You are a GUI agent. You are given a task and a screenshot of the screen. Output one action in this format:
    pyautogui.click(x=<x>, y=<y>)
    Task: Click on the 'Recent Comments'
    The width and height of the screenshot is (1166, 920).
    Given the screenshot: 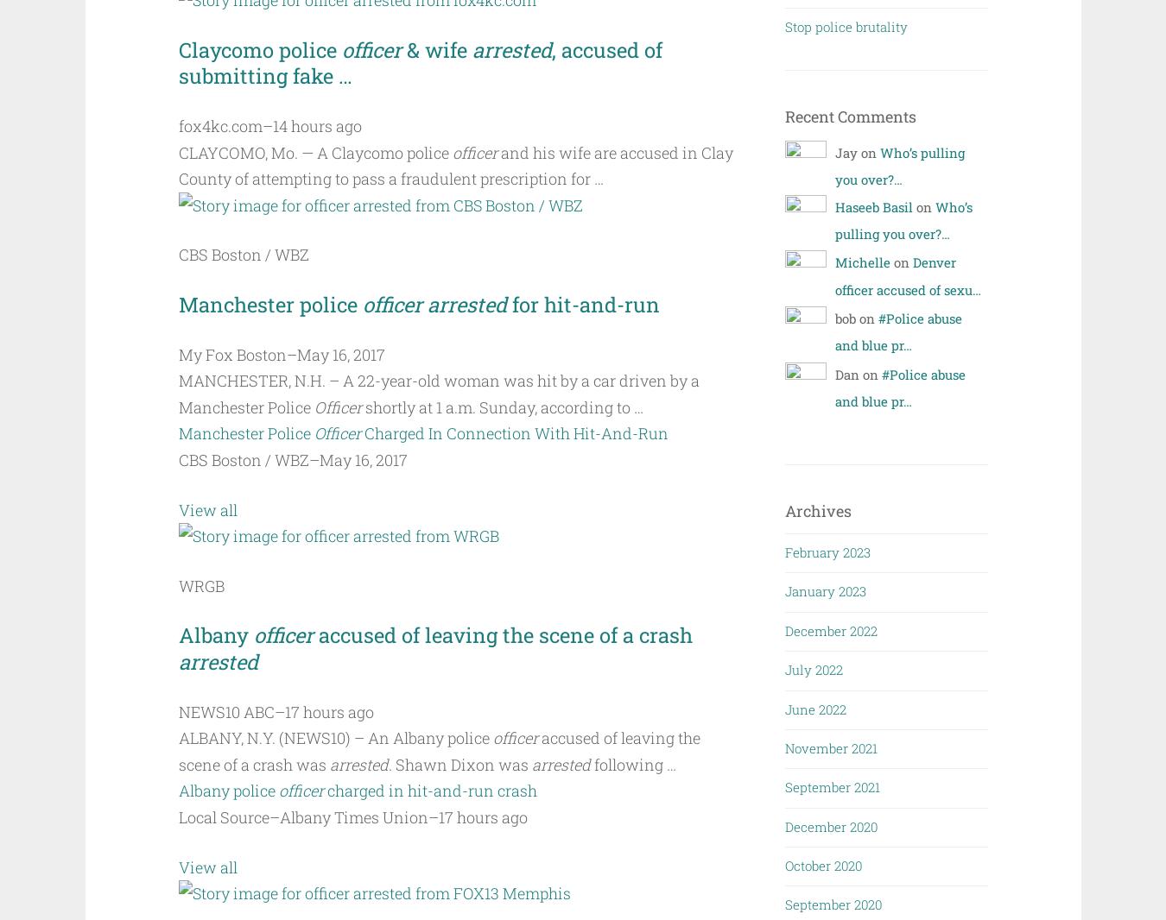 What is the action you would take?
    pyautogui.click(x=849, y=115)
    